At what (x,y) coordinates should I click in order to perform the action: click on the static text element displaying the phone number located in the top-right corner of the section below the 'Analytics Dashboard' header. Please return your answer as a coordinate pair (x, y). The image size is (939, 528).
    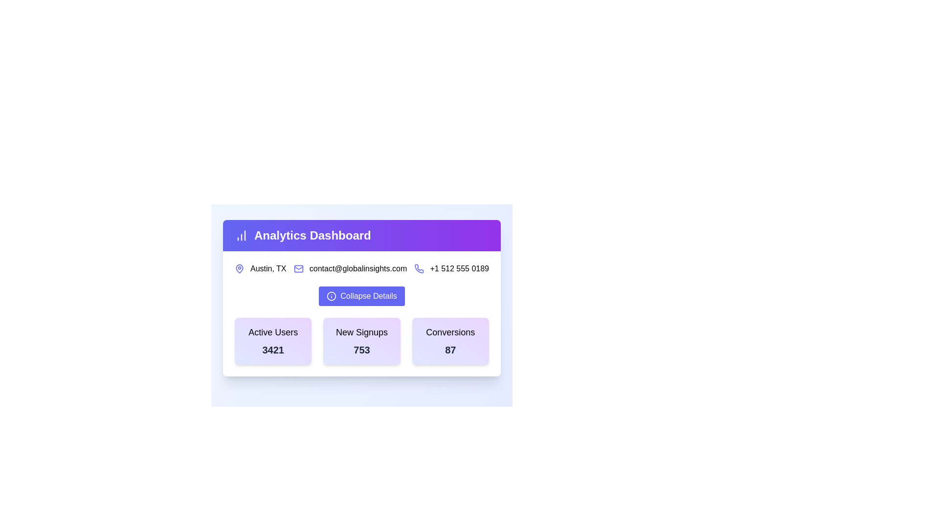
    Looking at the image, I should click on (459, 269).